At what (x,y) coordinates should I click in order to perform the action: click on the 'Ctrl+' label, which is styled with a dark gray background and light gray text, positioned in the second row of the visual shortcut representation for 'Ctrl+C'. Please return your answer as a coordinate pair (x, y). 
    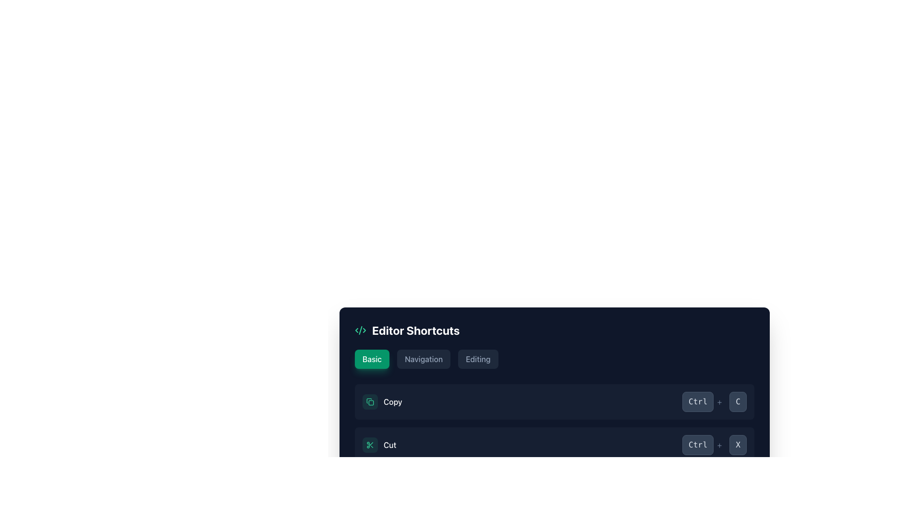
    Looking at the image, I should click on (704, 401).